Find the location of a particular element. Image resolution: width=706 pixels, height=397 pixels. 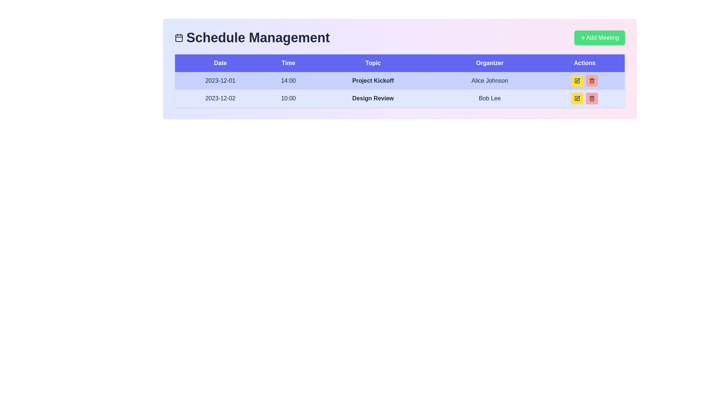

text of the Header label displaying 'Organizer', which is styled in white on a purple background and positioned in the header row between 'Topic' and 'Actions' is located at coordinates (490, 62).